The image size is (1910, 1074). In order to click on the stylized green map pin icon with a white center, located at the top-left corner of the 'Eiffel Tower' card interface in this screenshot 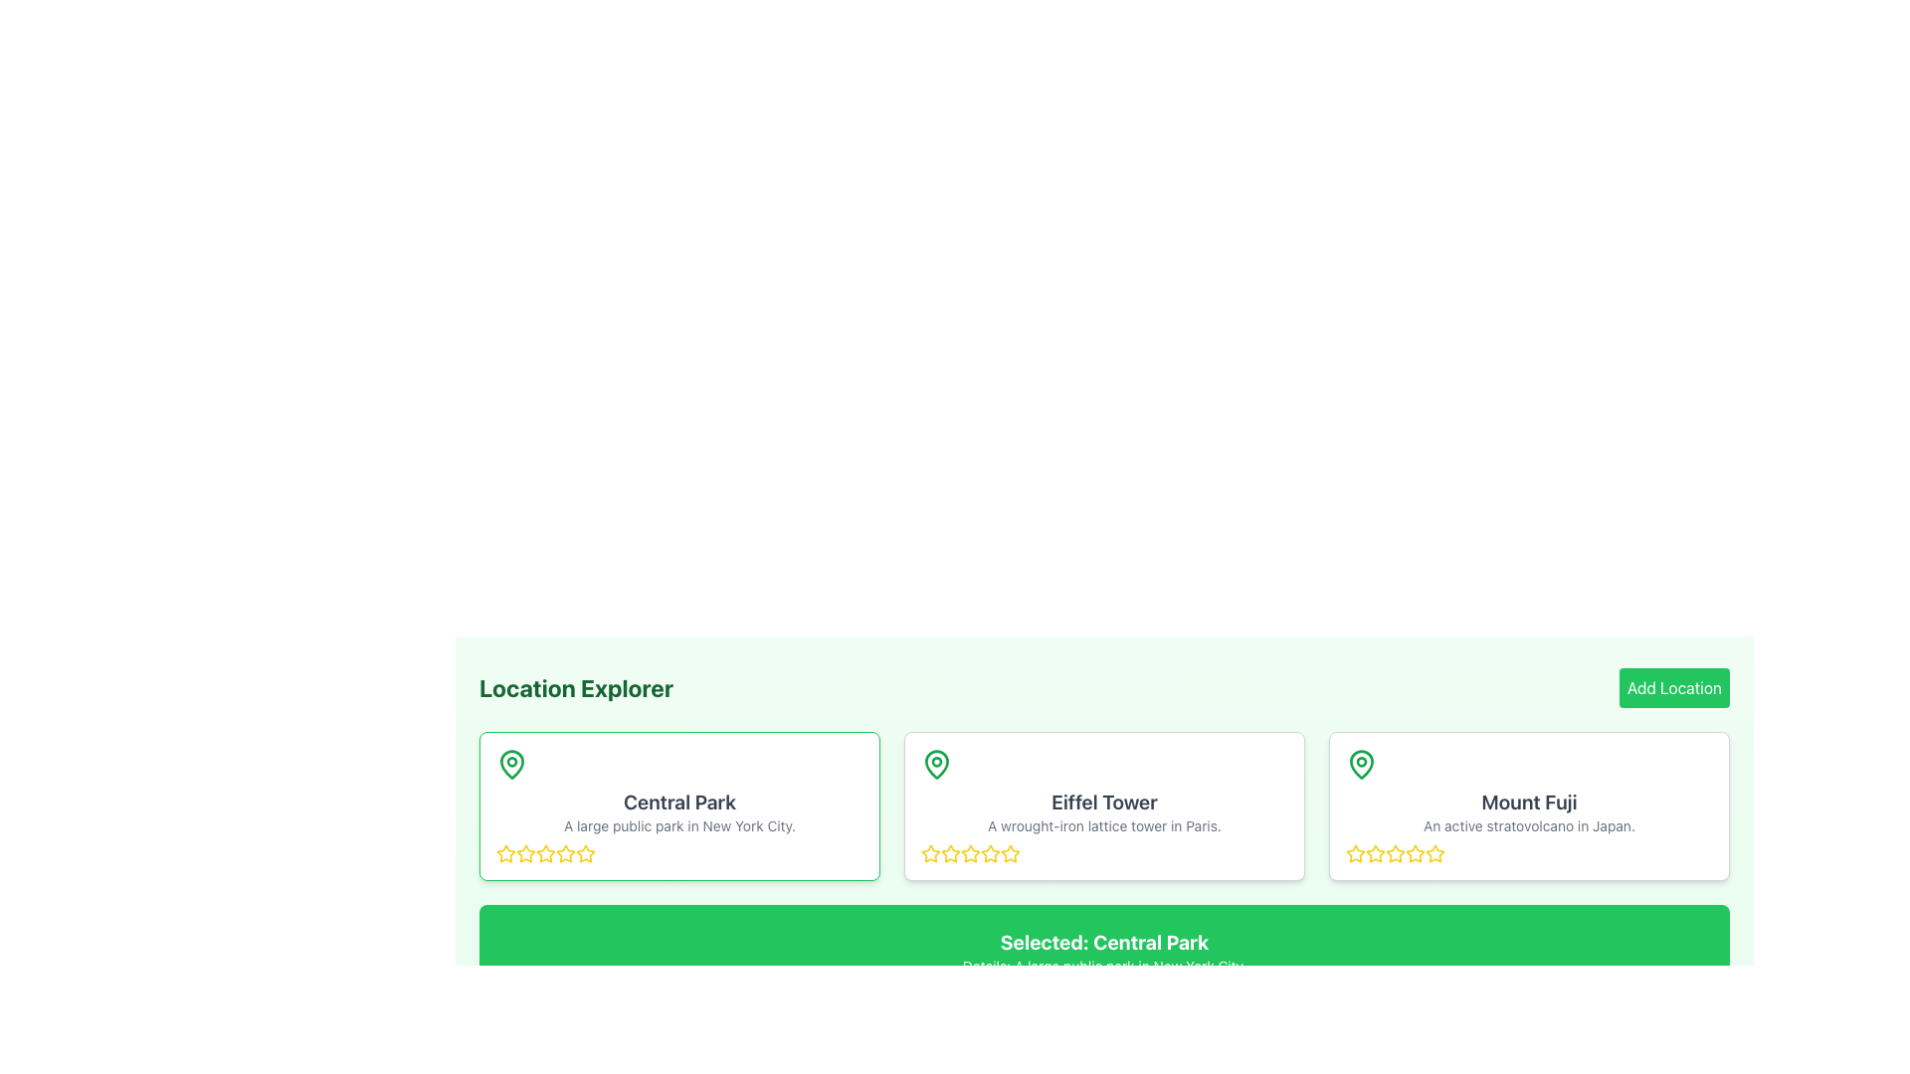, I will do `click(935, 762)`.